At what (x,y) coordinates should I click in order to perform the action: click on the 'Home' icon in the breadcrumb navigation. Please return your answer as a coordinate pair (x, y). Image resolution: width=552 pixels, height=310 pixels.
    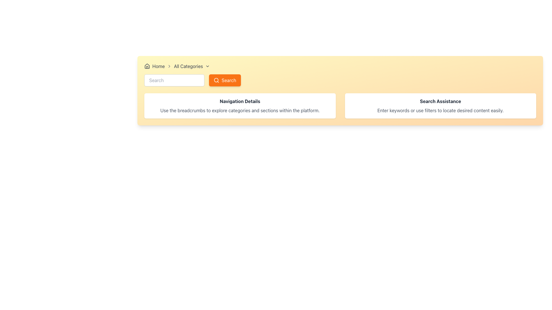
    Looking at the image, I should click on (147, 66).